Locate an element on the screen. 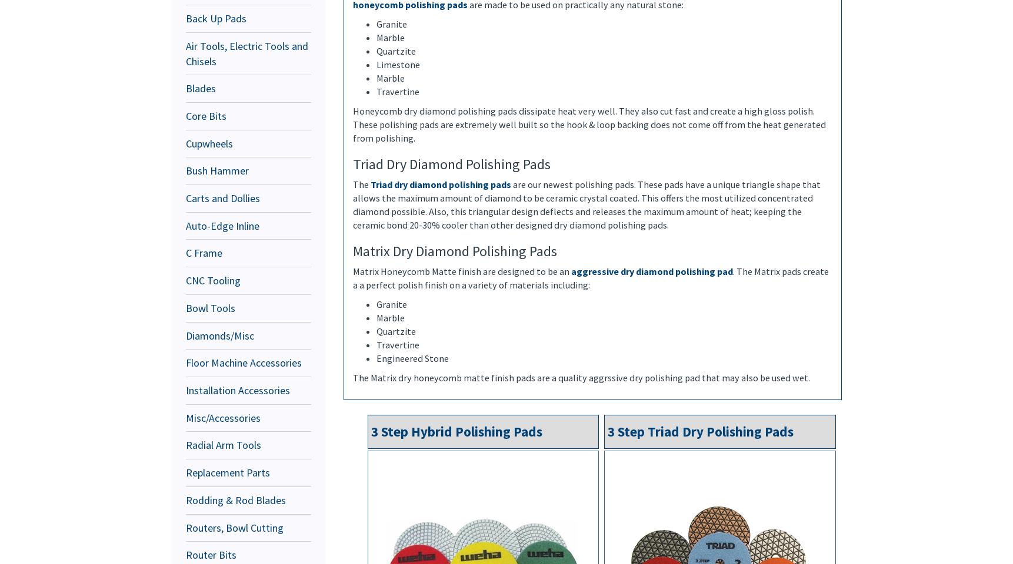 The image size is (1013, 564). 'Matrix Honeycomb Matte finish are designed to be an' is located at coordinates (461, 271).